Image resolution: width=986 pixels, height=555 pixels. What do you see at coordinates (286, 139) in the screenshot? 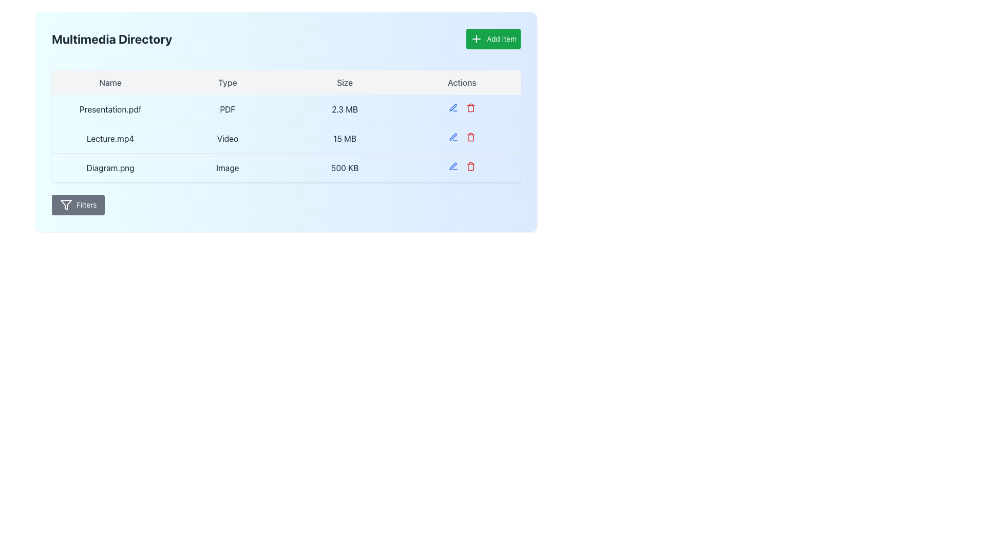
I see `the second row of the table that contains information about the file 'Lecture.mp4', which includes its type 'Video' and size '15 MB'` at bounding box center [286, 139].